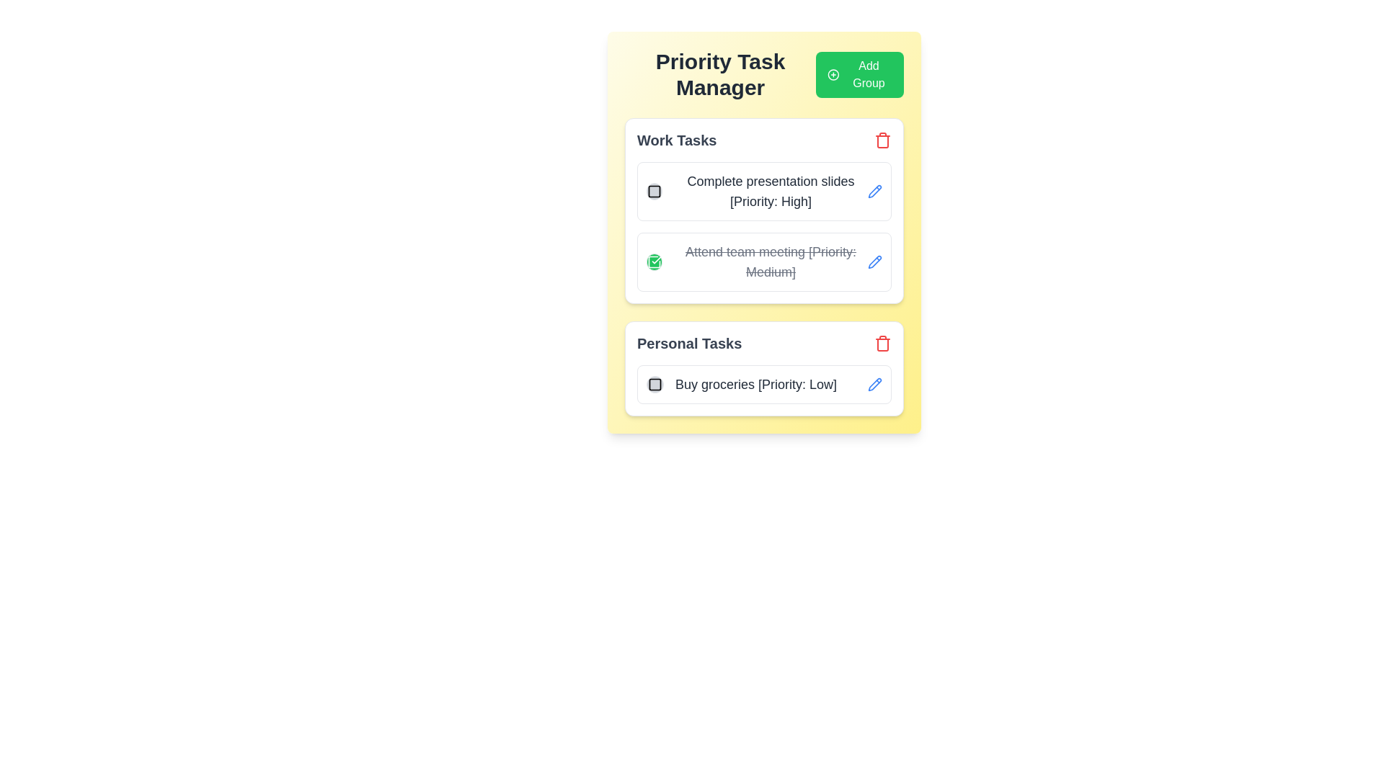 This screenshot has height=778, width=1384. I want to click on the incomplete task checkbox located to the left of the task text for 'Complete presentation slides [Priority: High]' in the 'Work Tasks' section, so click(653, 191).